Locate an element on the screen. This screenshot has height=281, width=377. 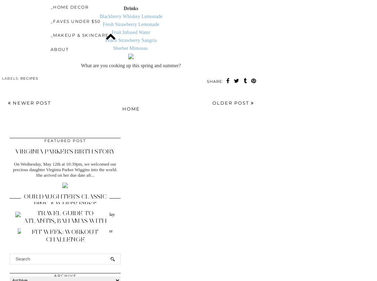
'SHARE:' is located at coordinates (215, 81).